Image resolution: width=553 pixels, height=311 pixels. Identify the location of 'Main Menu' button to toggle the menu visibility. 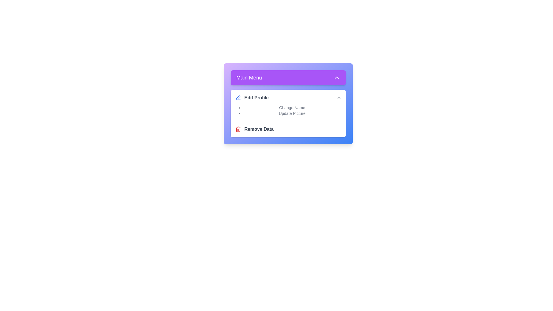
(288, 78).